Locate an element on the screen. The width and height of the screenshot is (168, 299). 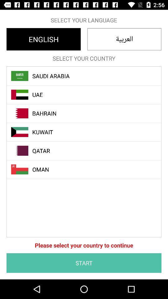
the item below the select your country icon is located at coordinates (87, 76).